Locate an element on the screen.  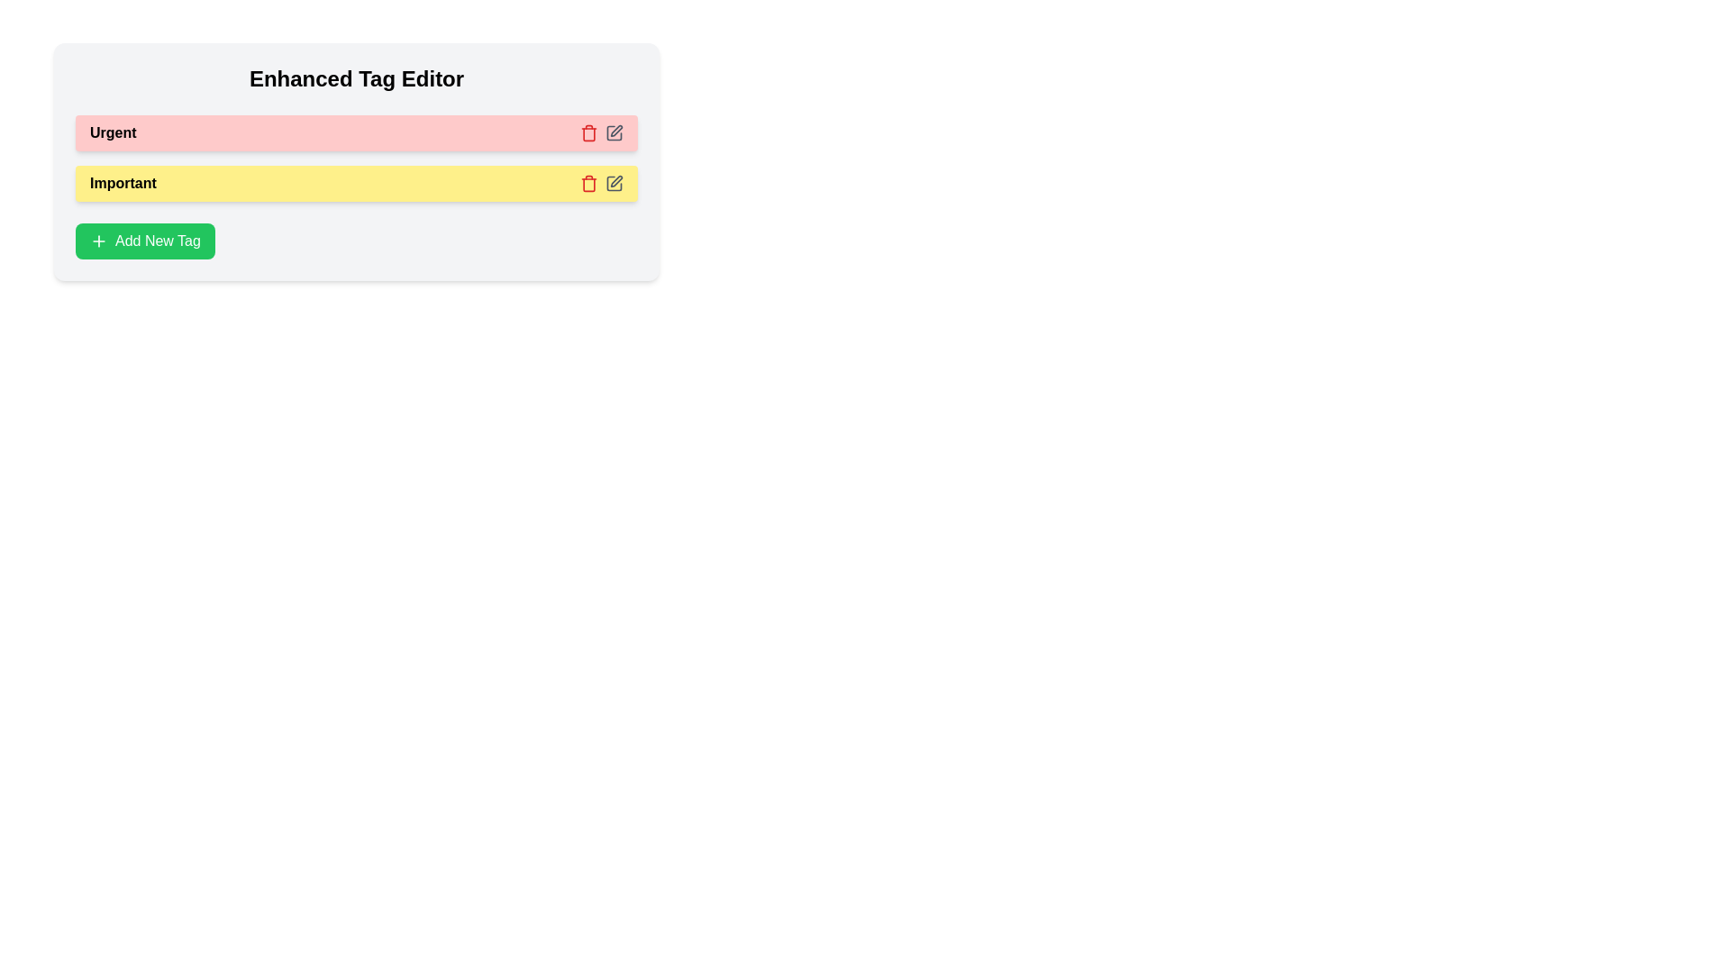
the rectangular green button labeled 'Add New Tag' with a '+' icon is located at coordinates (145, 240).